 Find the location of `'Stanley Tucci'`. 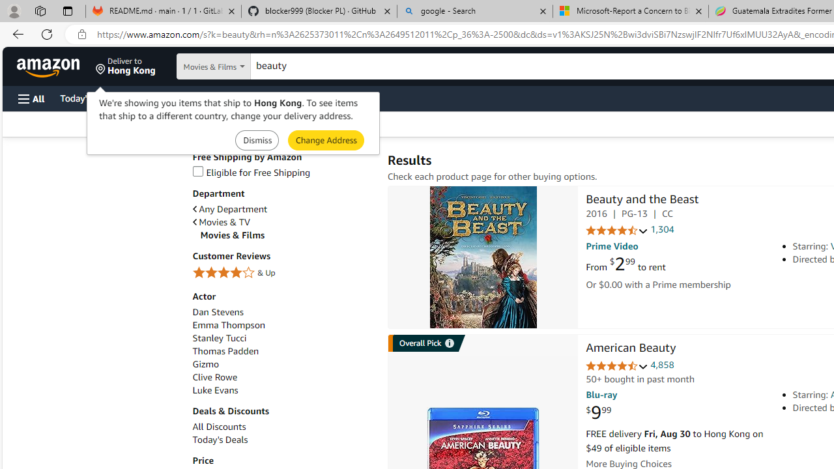

'Stanley Tucci' is located at coordinates (282, 337).